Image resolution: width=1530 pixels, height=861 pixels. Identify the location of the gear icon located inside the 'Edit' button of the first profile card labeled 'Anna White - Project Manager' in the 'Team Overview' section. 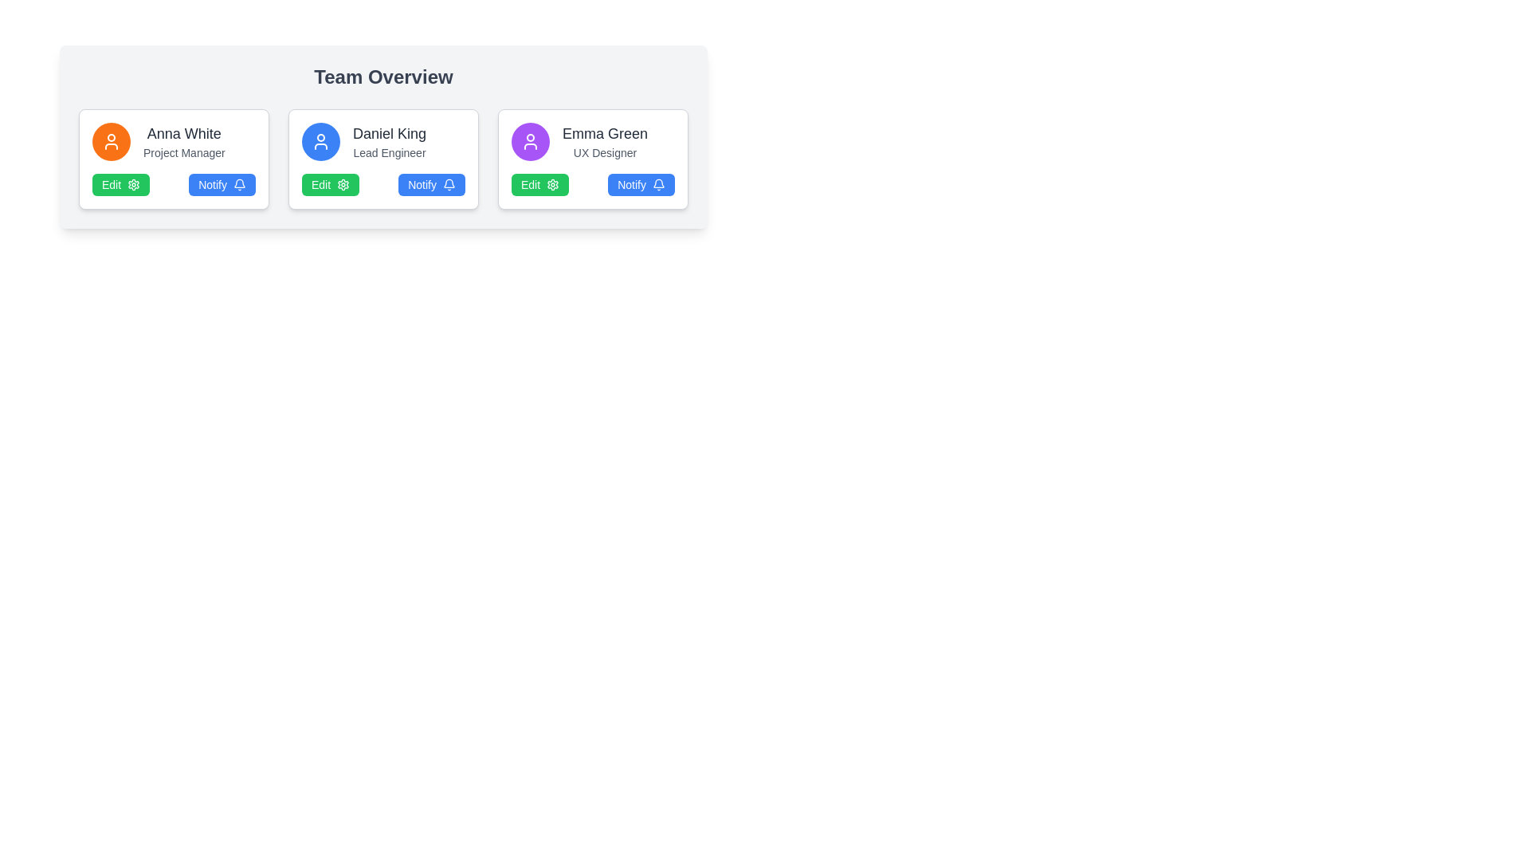
(134, 183).